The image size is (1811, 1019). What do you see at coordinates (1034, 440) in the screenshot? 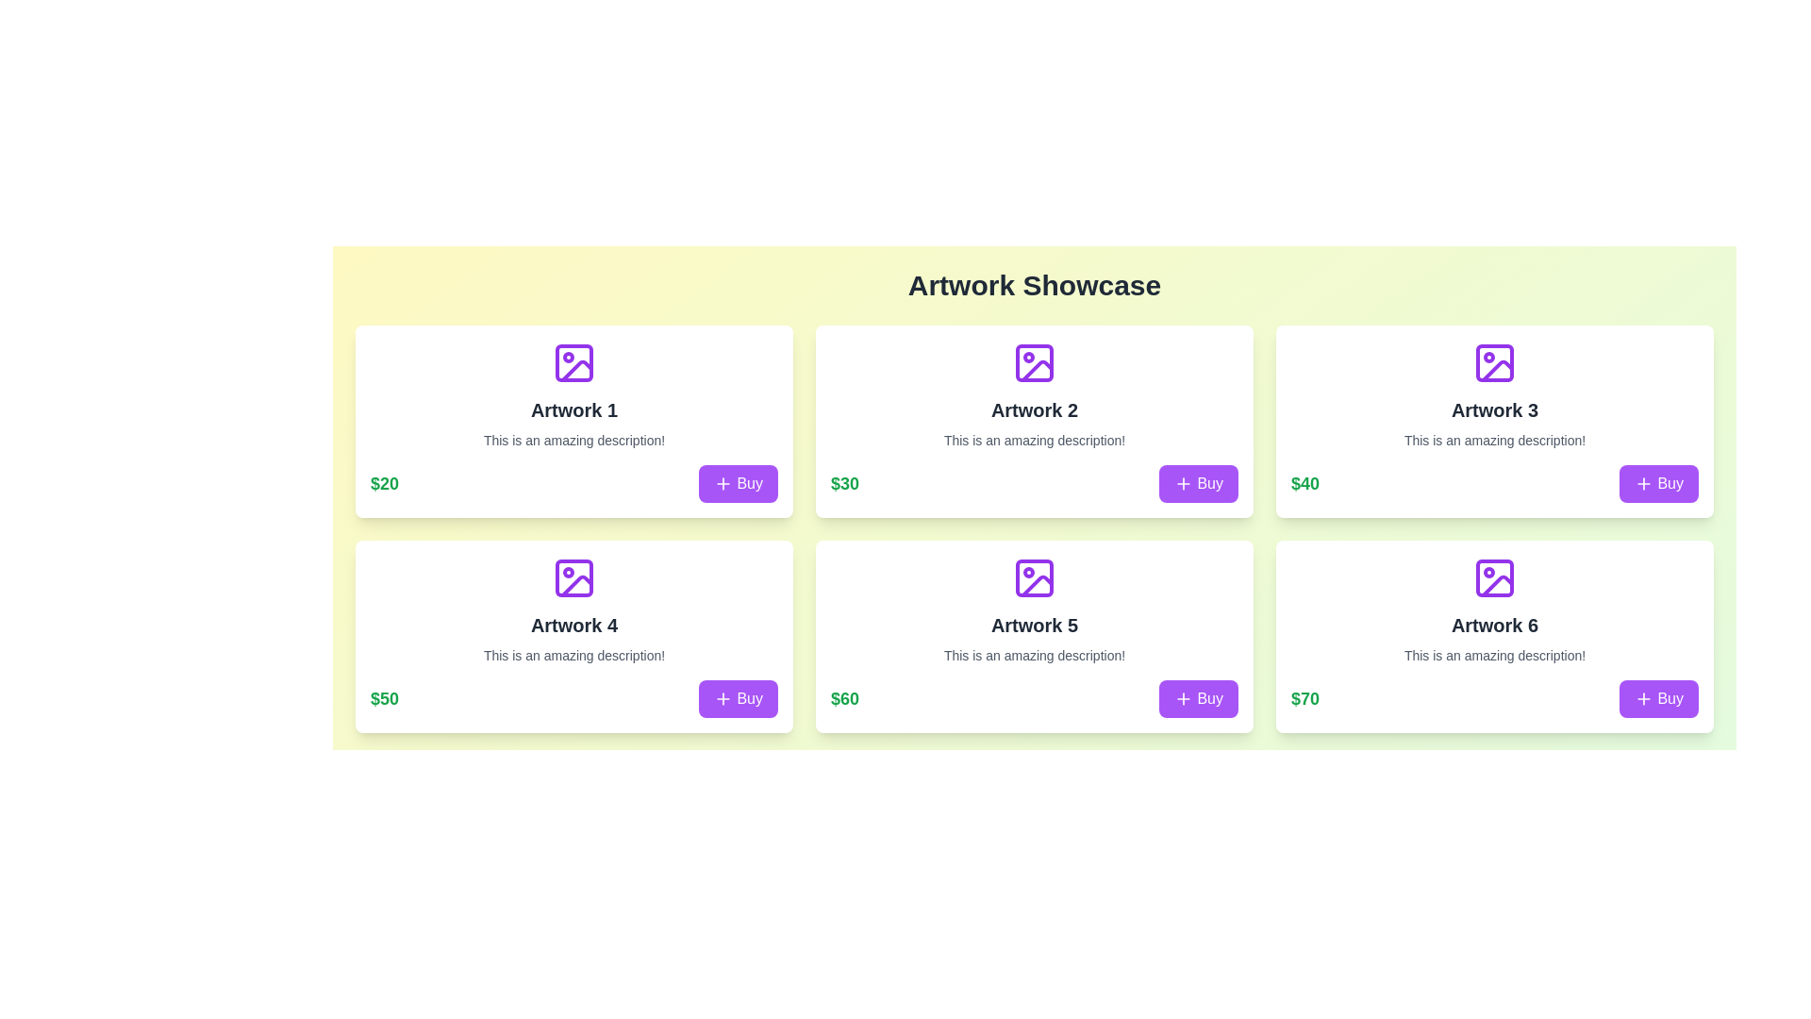
I see `the text label that reads 'This is an amazing description!' located below the title 'Artwork 2' in the second card of the grid layout` at bounding box center [1034, 440].